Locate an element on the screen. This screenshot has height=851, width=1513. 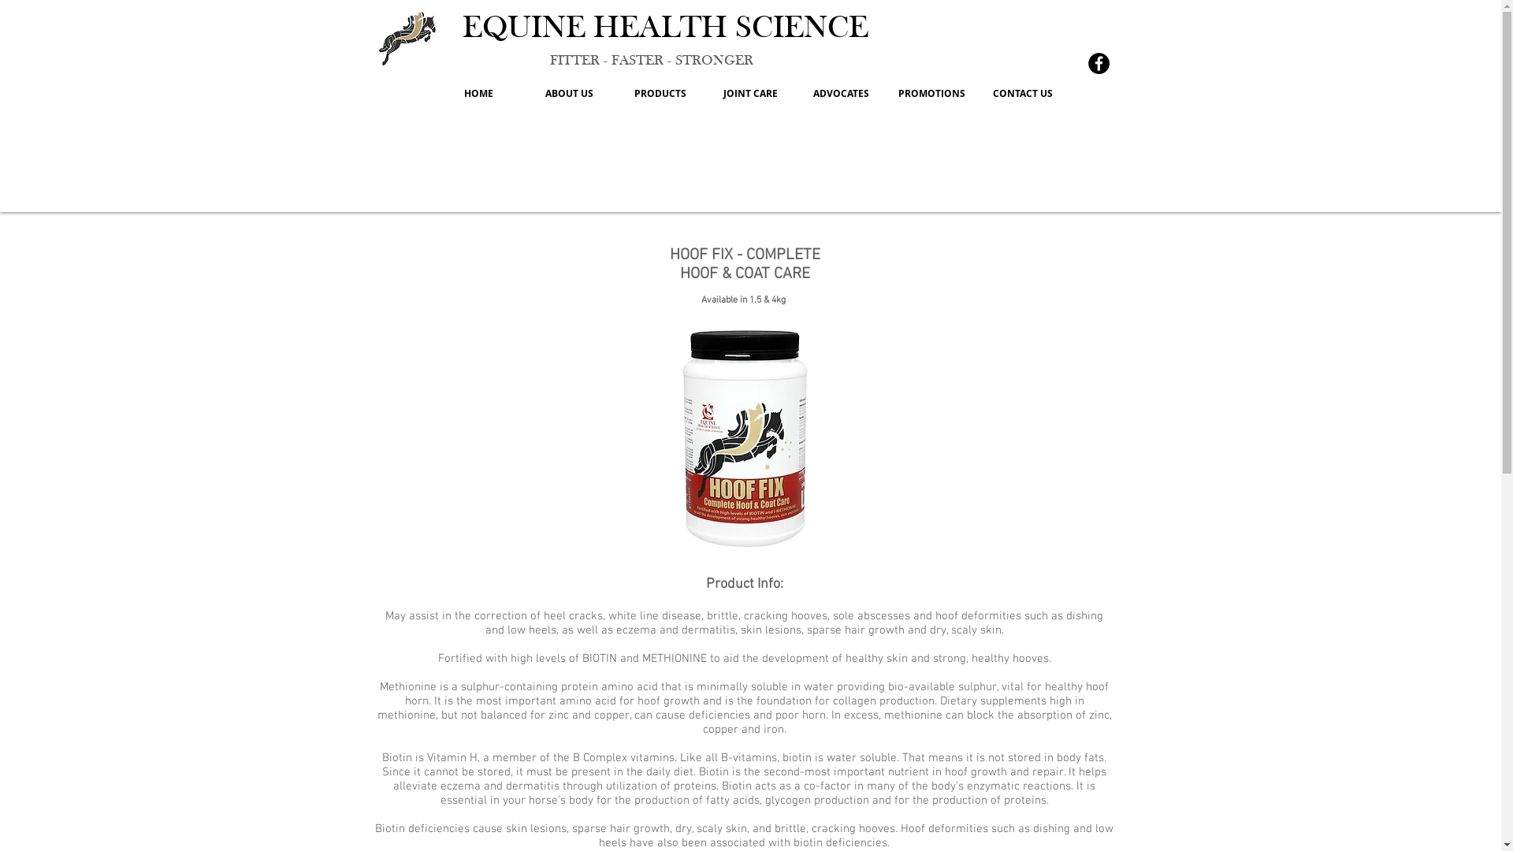
'HOME' is located at coordinates (478, 94).